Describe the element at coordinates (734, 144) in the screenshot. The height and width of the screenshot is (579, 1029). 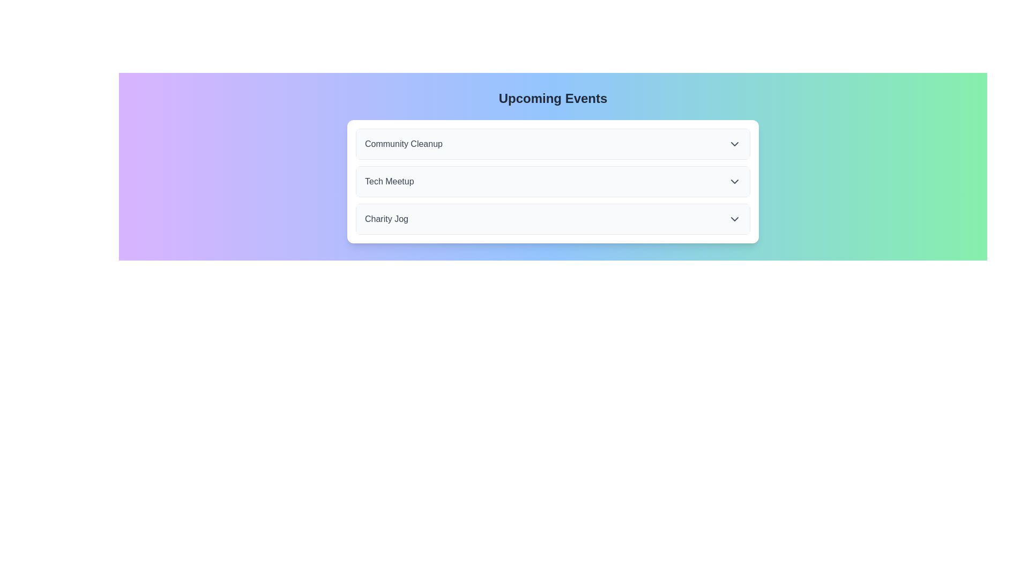
I see `the downward-pointing gray chevron icon located at the far-right end of the 'Community Cleanup' header row` at that location.